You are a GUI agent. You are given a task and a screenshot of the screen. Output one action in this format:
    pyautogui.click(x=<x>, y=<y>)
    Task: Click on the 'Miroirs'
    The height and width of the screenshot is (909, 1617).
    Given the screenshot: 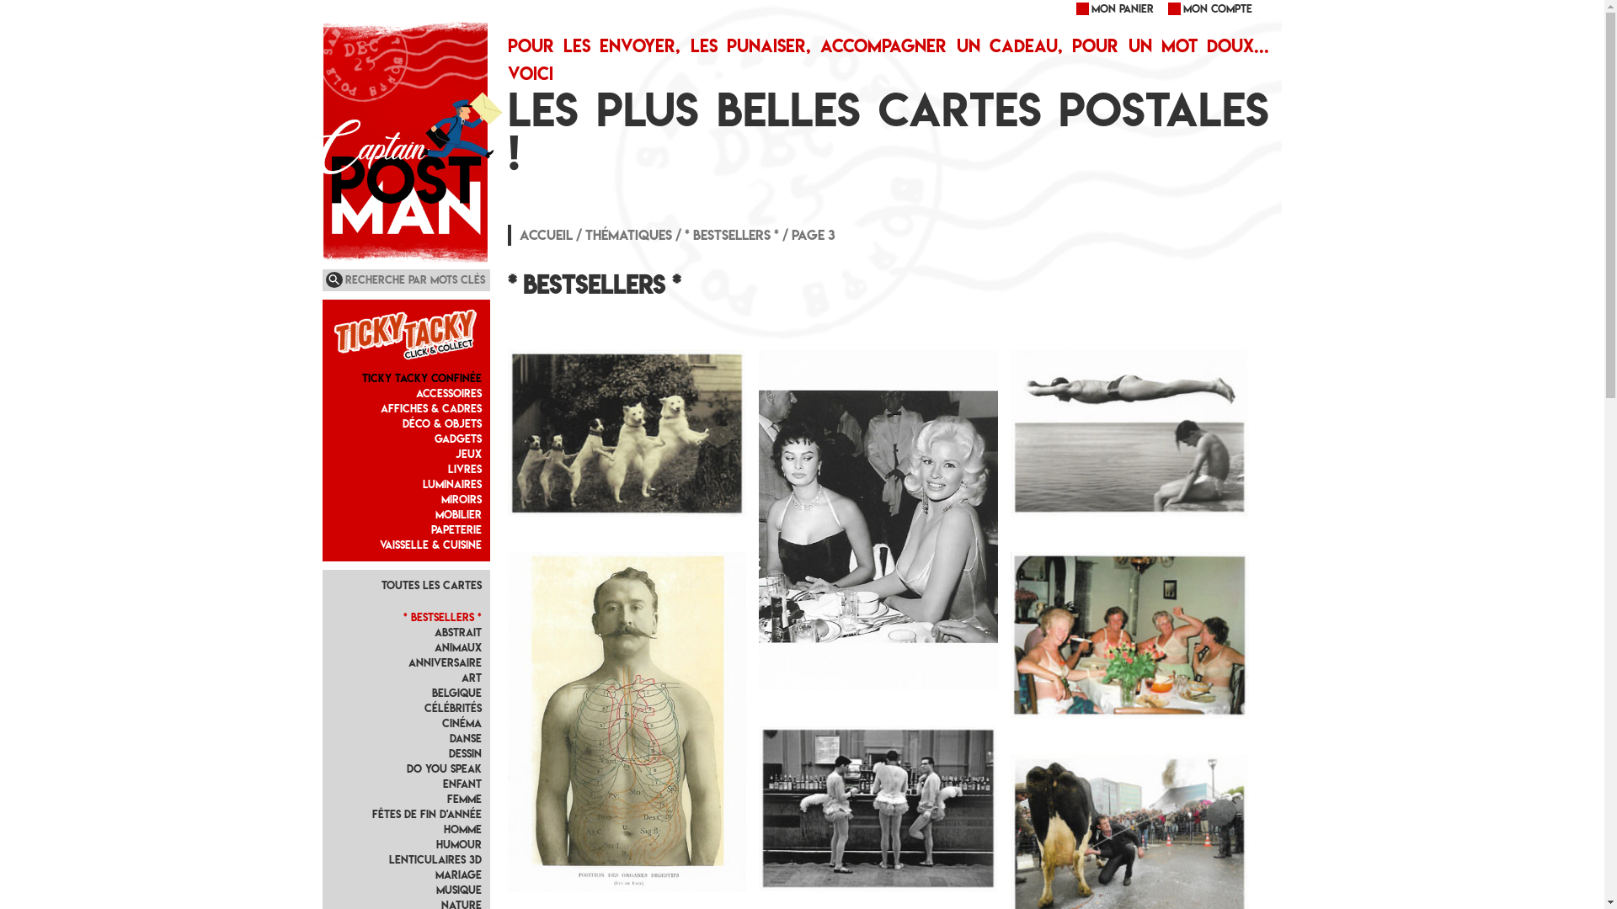 What is the action you would take?
    pyautogui.click(x=440, y=498)
    